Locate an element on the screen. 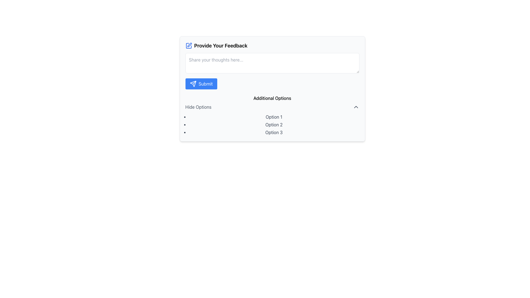 This screenshot has height=298, width=530. the chevron icon located at the far right of the row containing the text 'Hide Options' is located at coordinates (356, 107).